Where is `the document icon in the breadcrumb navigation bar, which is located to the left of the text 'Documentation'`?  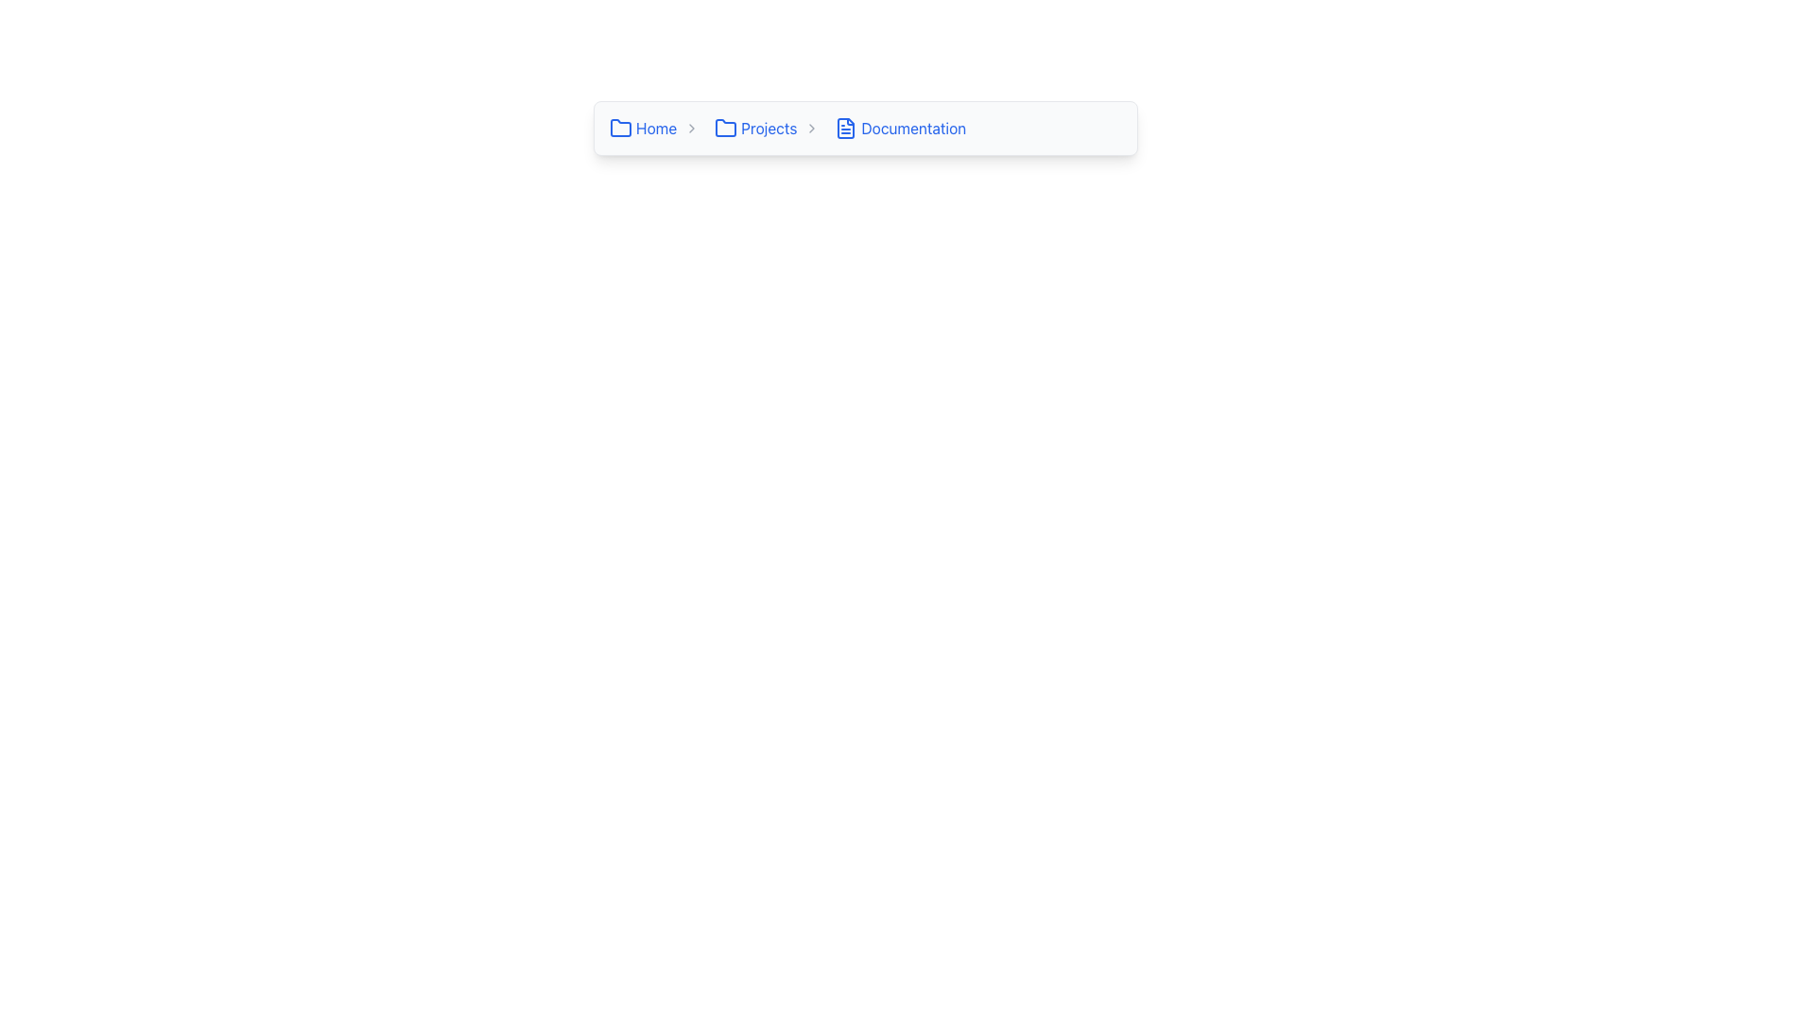 the document icon in the breadcrumb navigation bar, which is located to the left of the text 'Documentation' is located at coordinates (845, 128).